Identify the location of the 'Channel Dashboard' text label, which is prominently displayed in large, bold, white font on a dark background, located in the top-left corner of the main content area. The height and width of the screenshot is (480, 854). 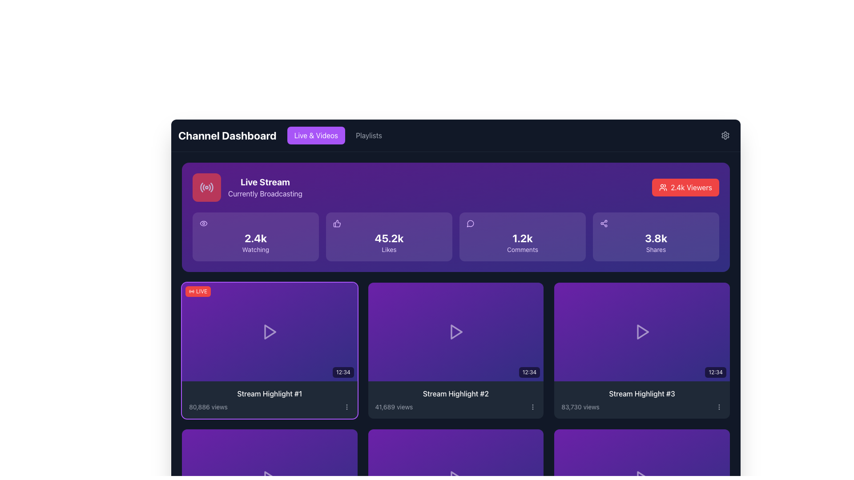
(227, 135).